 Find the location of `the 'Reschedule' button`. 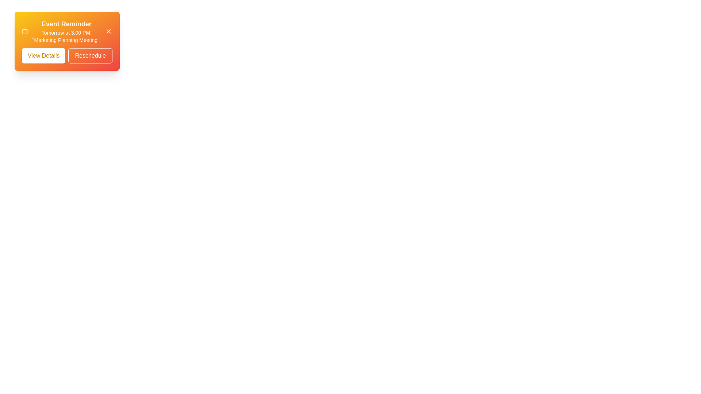

the 'Reschedule' button is located at coordinates (90, 55).